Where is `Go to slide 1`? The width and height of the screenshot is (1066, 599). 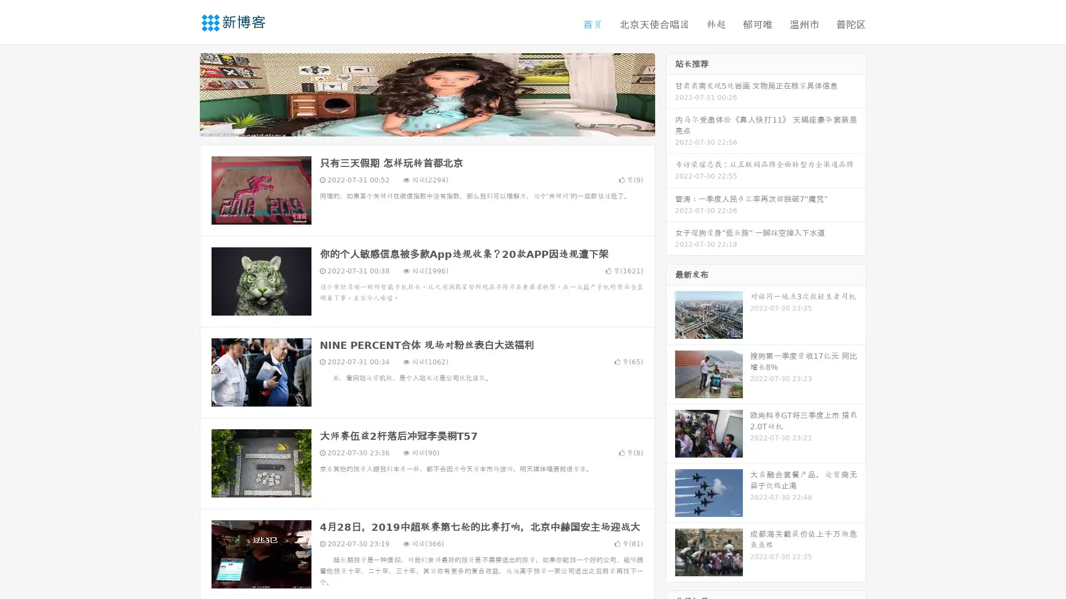
Go to slide 1 is located at coordinates (415, 125).